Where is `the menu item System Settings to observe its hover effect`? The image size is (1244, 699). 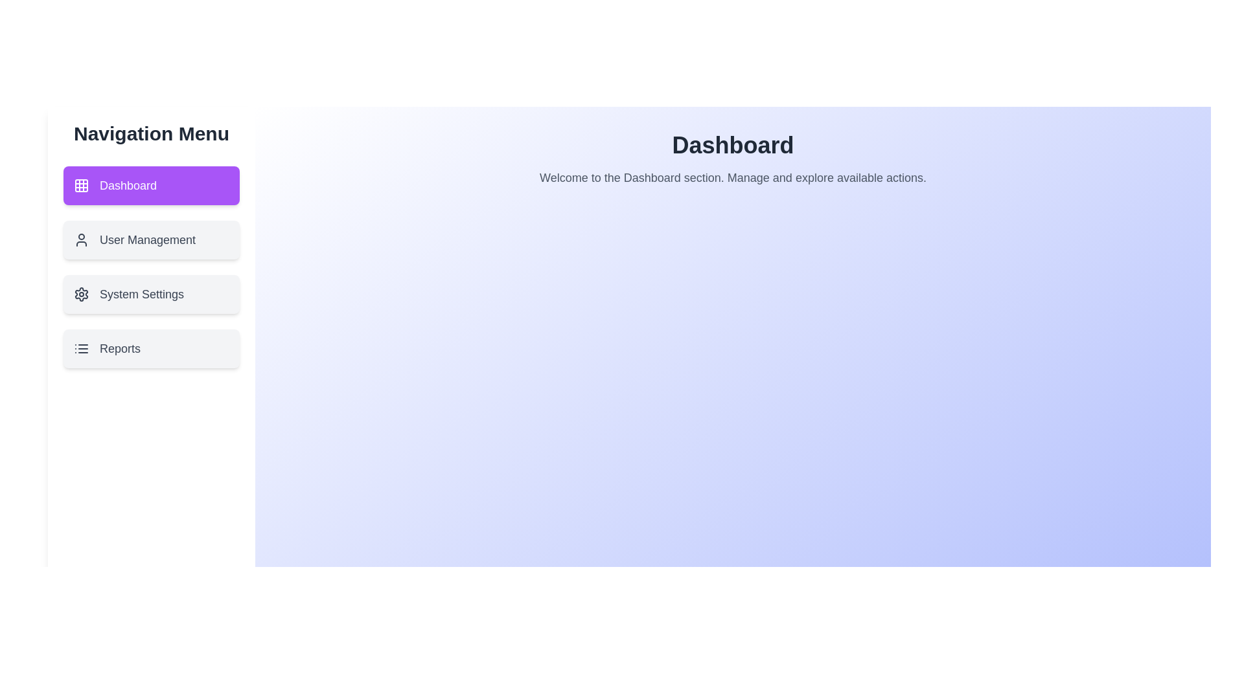
the menu item System Settings to observe its hover effect is located at coordinates (152, 294).